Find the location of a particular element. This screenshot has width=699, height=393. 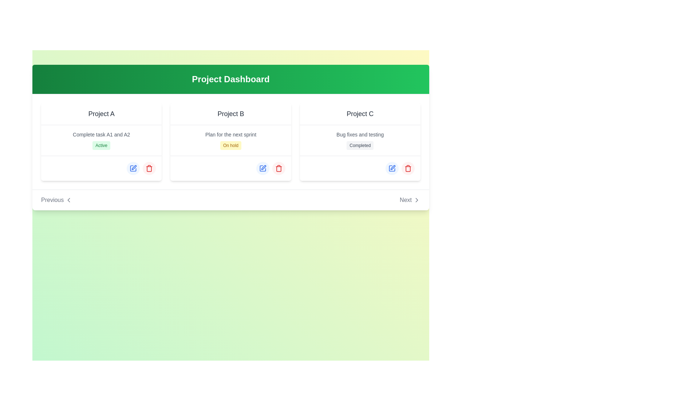

the delete button located directly under the 'Project B' card in the 'Project Dashboard' section is located at coordinates (278, 168).